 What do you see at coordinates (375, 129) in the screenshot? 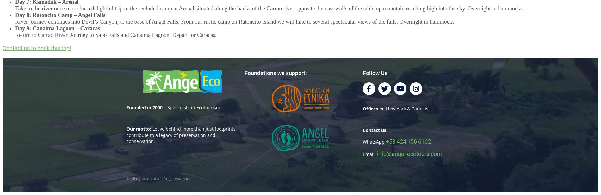
I see `'Contact us:'` at bounding box center [375, 129].